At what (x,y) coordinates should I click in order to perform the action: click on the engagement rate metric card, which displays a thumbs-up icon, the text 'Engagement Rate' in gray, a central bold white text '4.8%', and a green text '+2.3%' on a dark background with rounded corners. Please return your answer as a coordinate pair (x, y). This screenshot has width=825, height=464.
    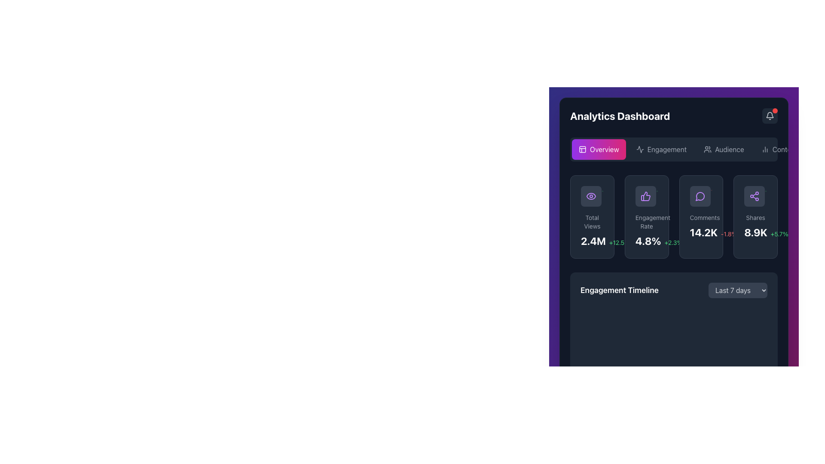
    Looking at the image, I should click on (673, 217).